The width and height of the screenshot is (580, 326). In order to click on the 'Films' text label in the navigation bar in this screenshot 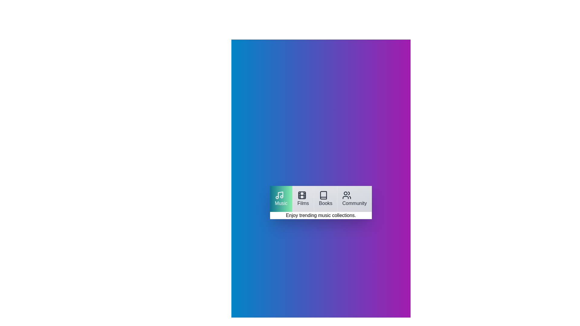, I will do `click(303, 203)`.